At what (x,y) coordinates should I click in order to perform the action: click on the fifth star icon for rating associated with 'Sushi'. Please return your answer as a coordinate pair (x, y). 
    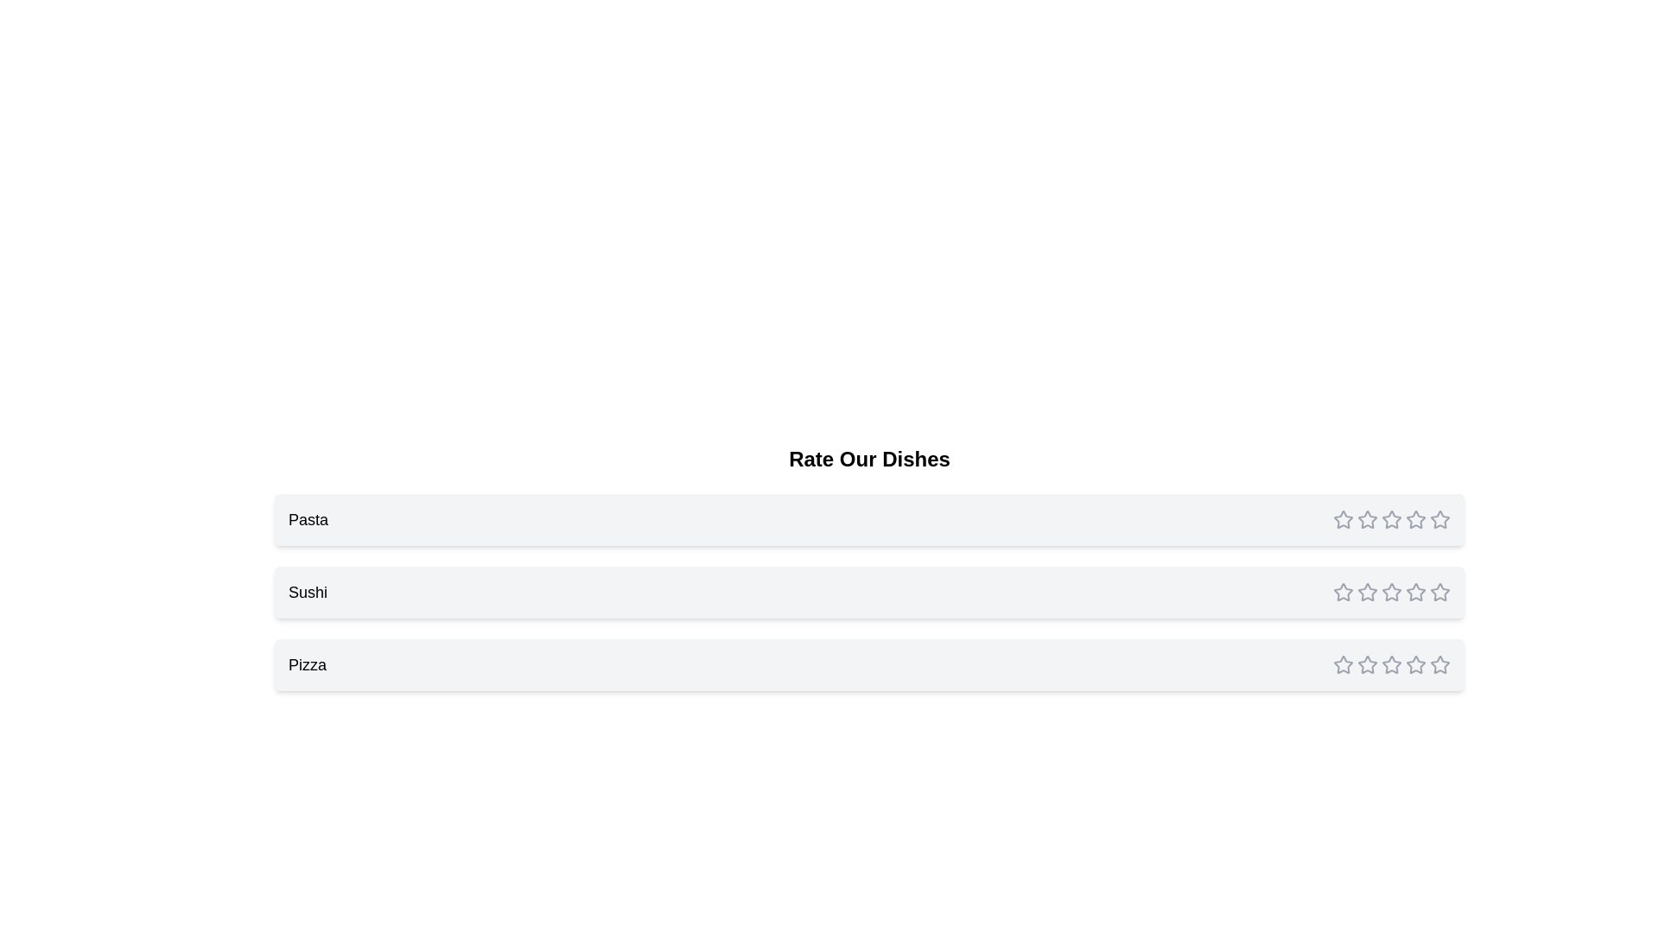
    Looking at the image, I should click on (1440, 591).